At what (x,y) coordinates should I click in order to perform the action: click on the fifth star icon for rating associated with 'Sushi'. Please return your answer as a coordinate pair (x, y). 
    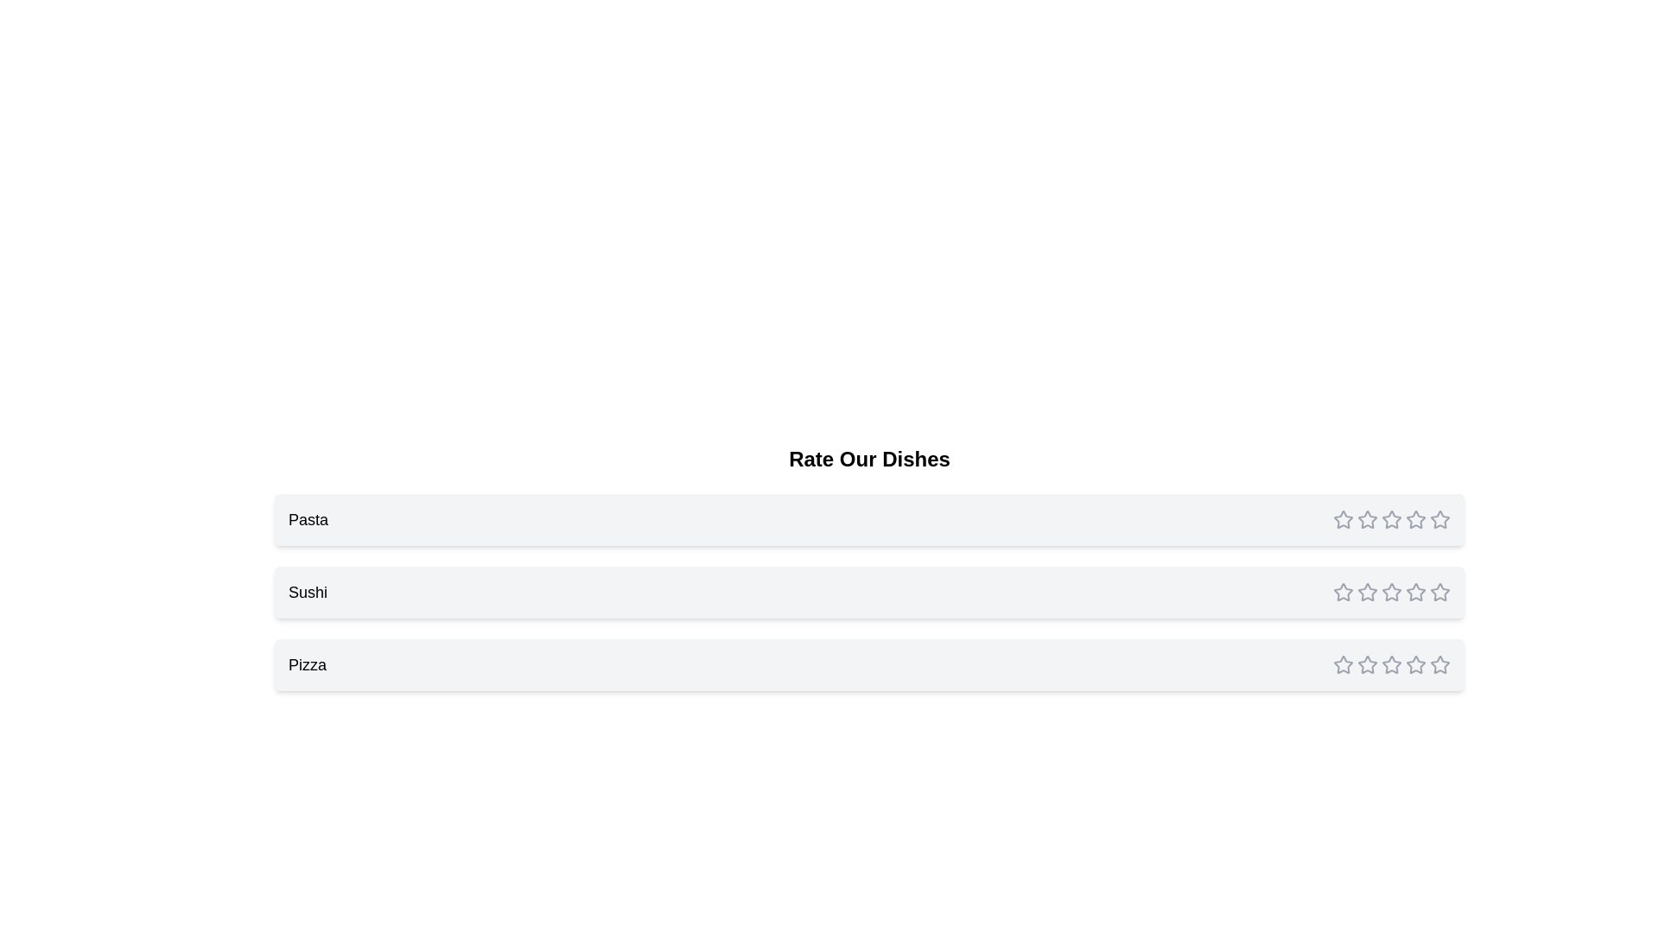
    Looking at the image, I should click on (1440, 591).